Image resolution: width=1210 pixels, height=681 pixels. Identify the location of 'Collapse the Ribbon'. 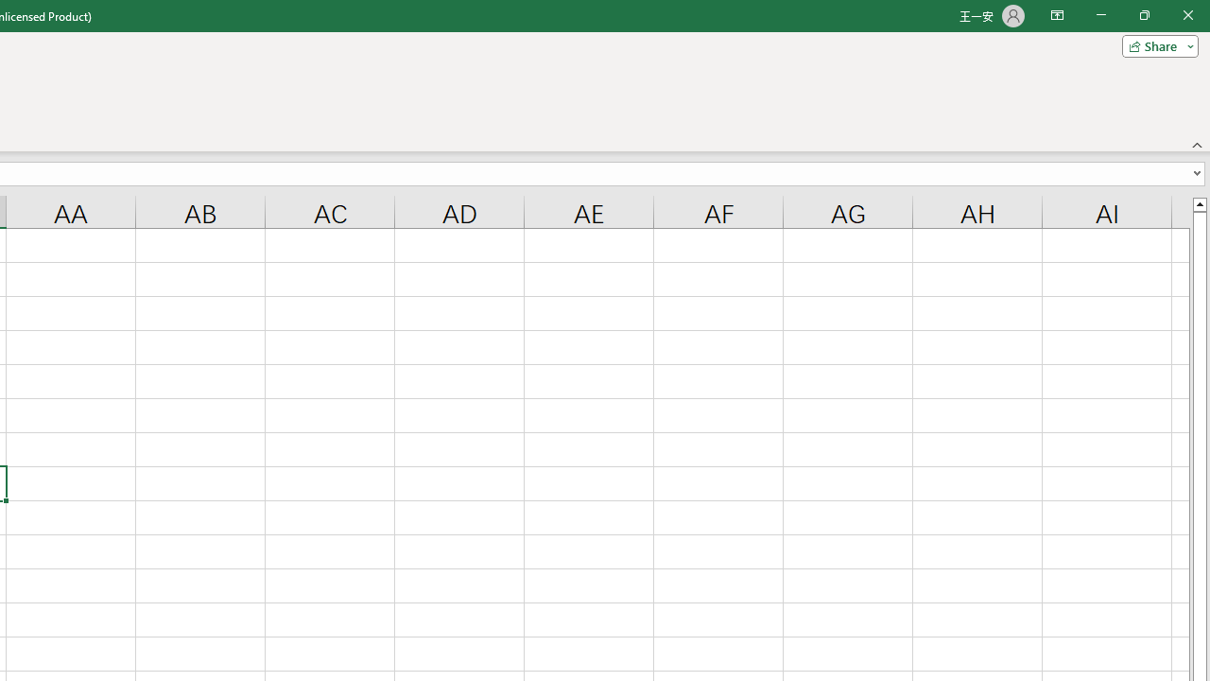
(1197, 144).